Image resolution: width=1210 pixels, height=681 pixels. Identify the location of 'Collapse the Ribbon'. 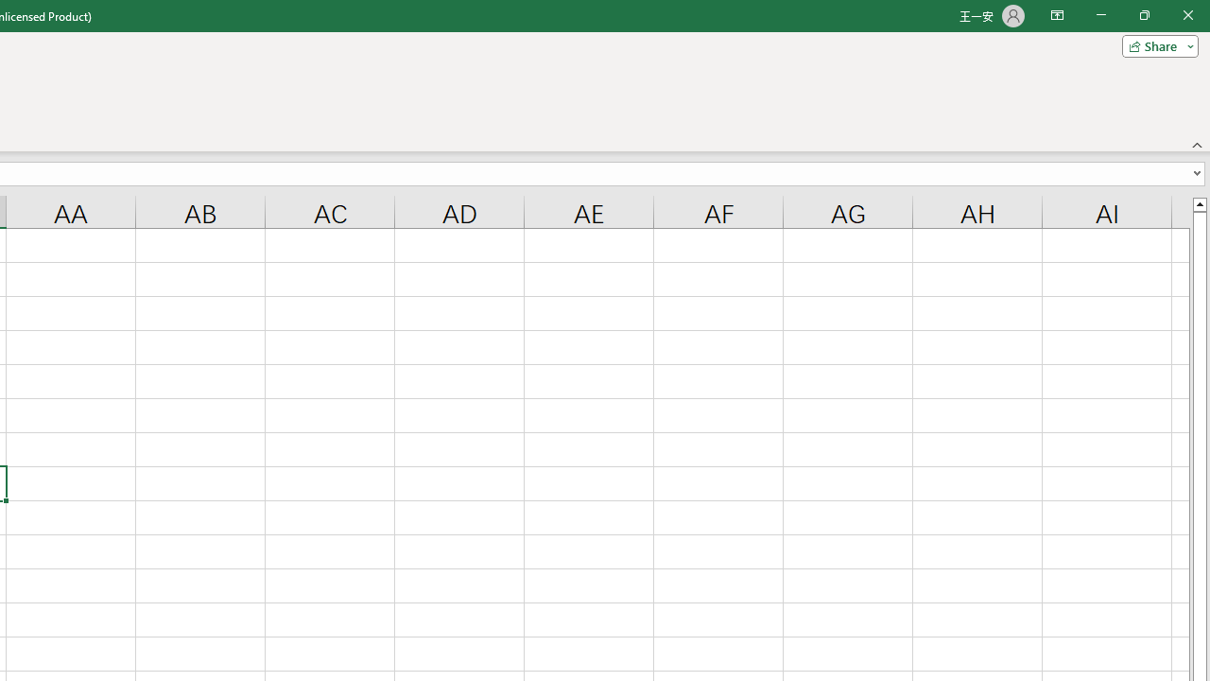
(1197, 144).